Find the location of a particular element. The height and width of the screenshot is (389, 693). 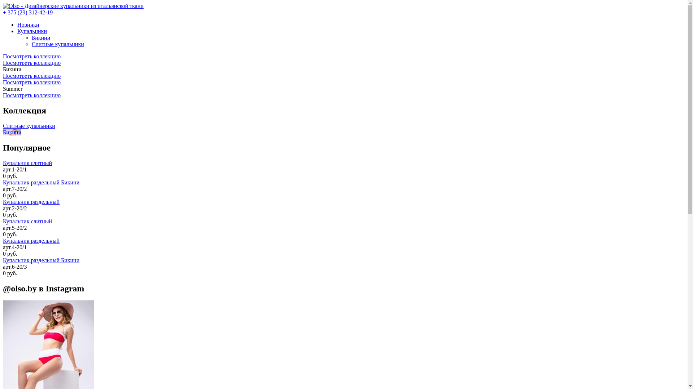

'+ 375 (29) 312-42-19' is located at coordinates (3, 12).